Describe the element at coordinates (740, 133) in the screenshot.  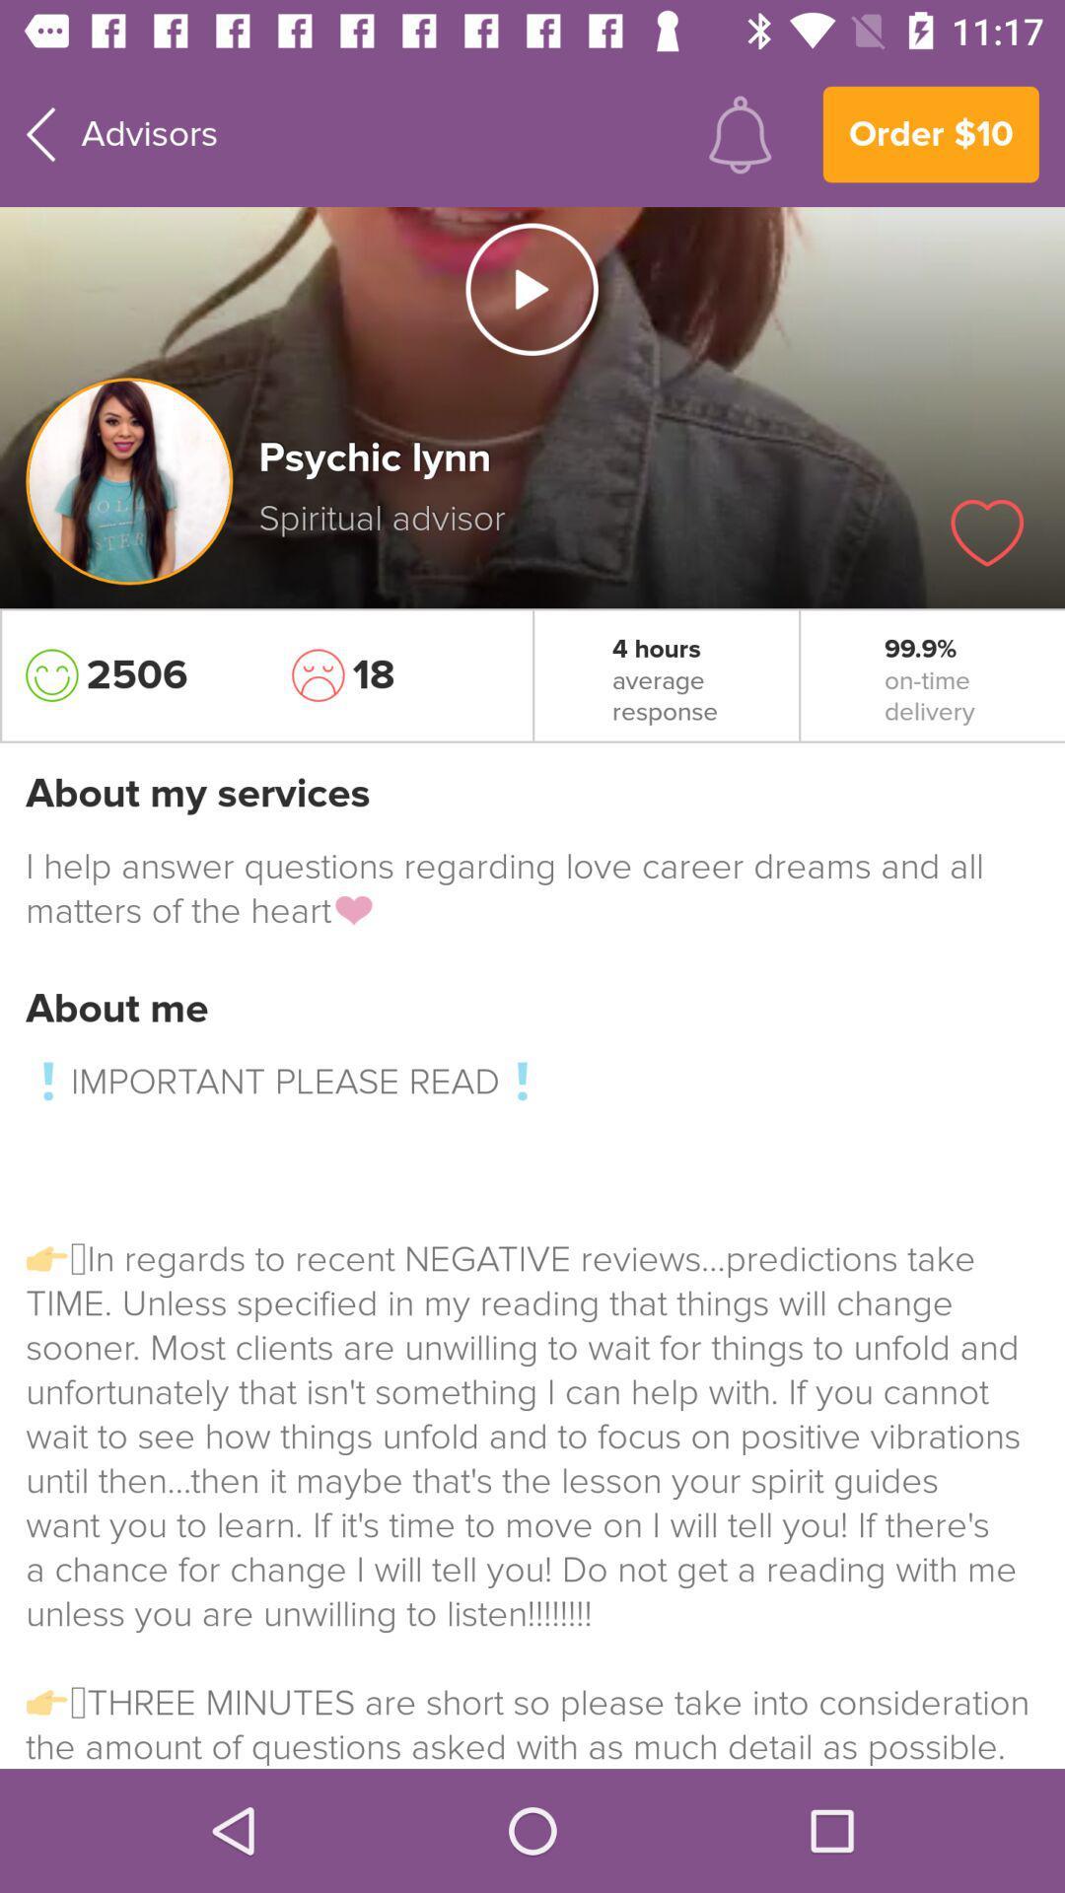
I see `notifications` at that location.